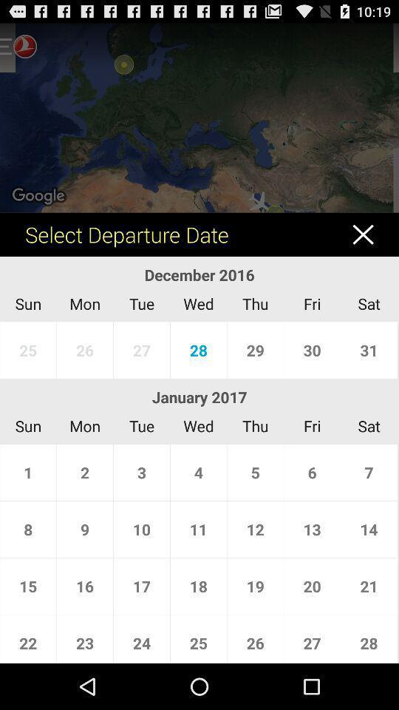  I want to click on the close icon, so click(369, 251).